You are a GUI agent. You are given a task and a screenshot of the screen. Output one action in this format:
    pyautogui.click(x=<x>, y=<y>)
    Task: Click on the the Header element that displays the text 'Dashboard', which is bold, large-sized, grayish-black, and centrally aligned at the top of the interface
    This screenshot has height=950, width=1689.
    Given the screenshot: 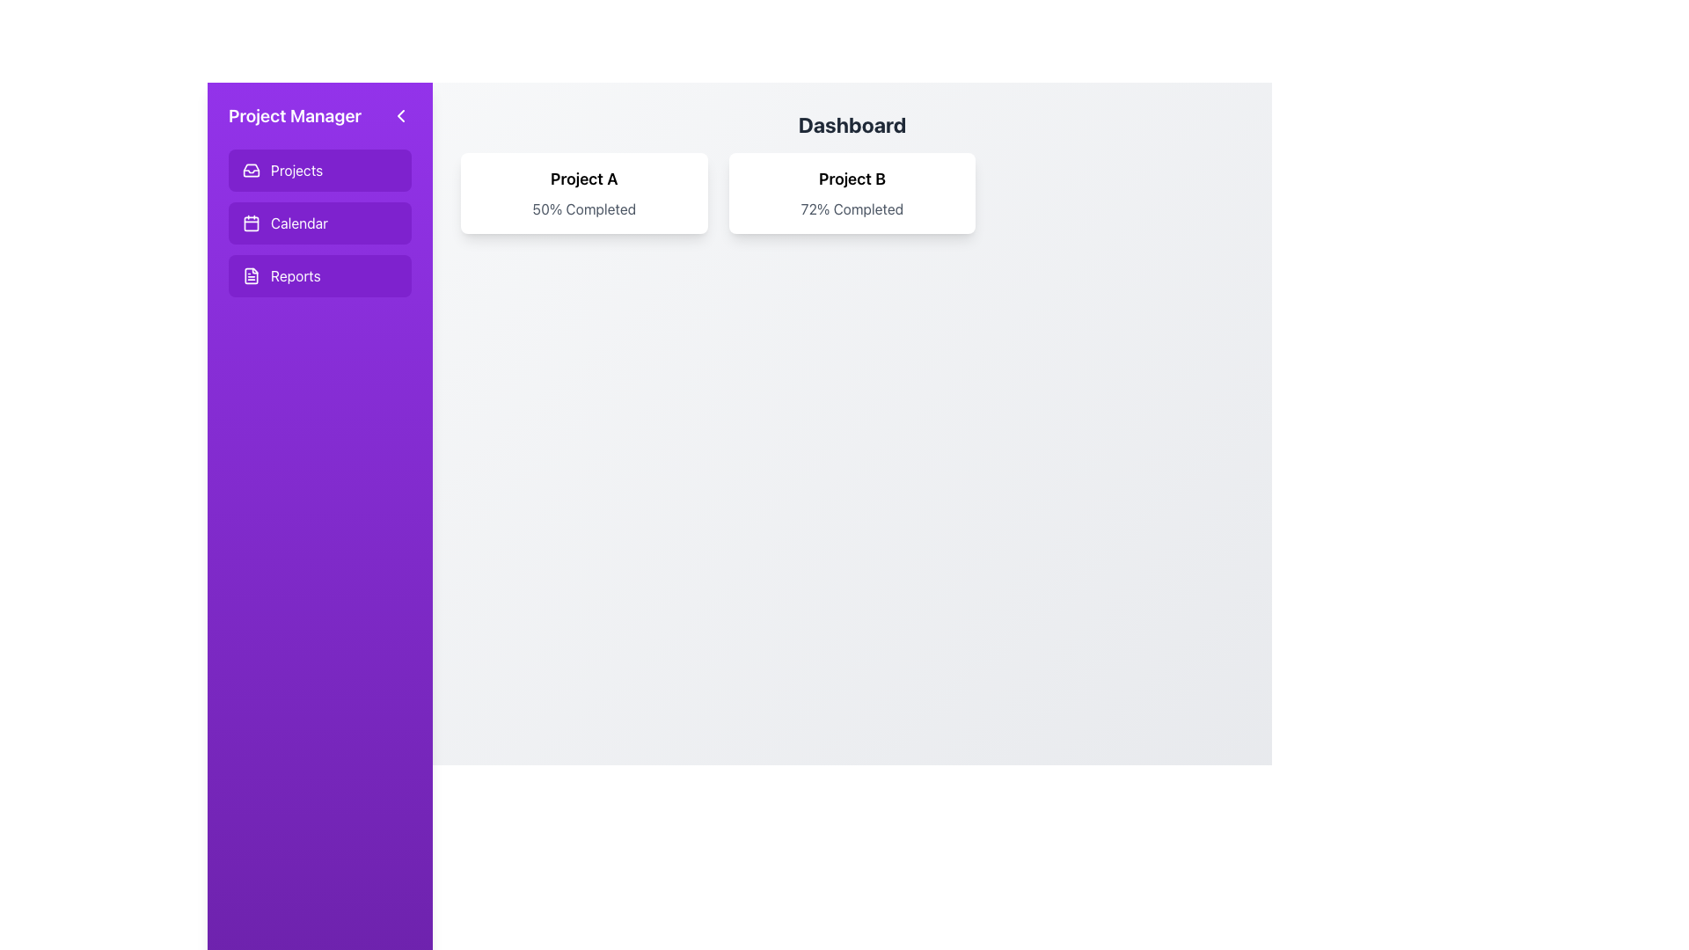 What is the action you would take?
    pyautogui.click(x=852, y=124)
    